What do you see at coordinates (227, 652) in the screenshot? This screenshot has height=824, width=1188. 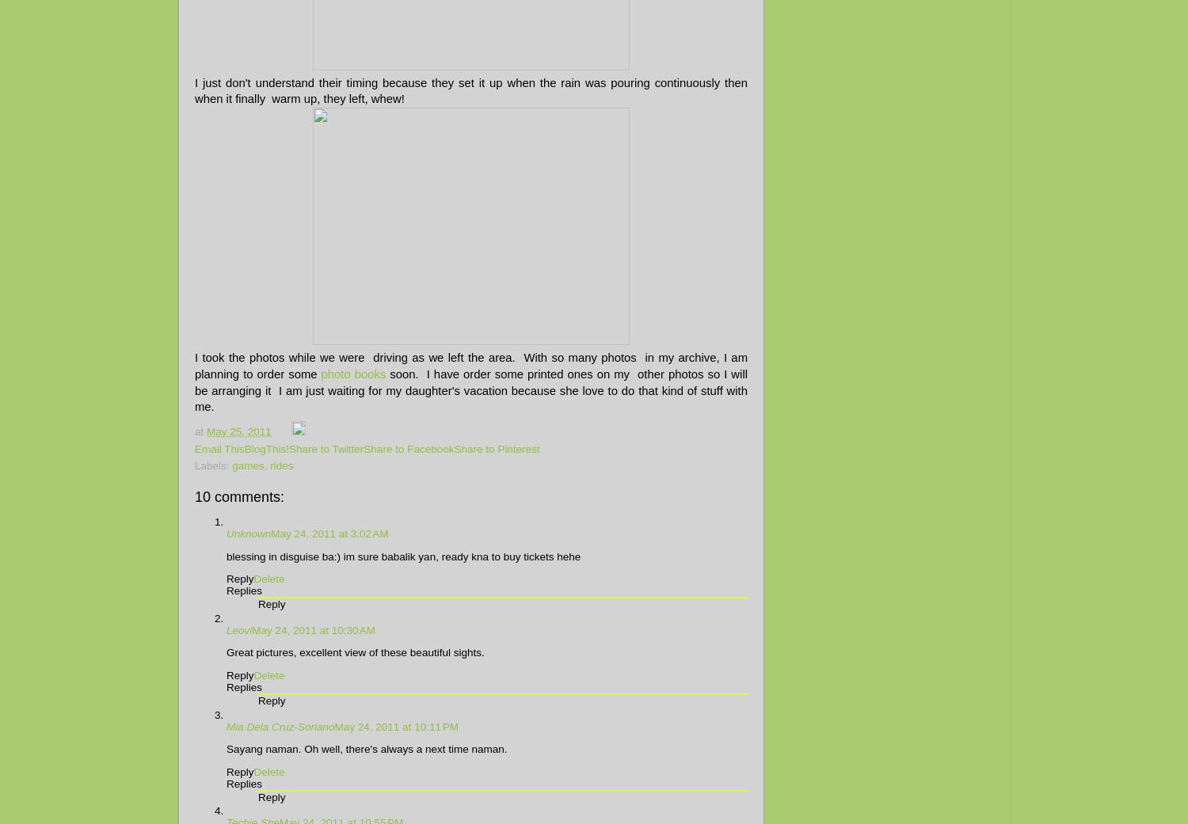 I see `'Great pictures, excellent view of these beautiful sights.'` at bounding box center [227, 652].